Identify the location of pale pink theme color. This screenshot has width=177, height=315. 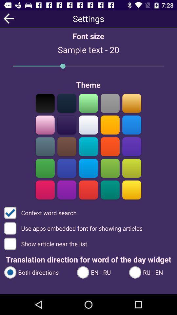
(45, 125).